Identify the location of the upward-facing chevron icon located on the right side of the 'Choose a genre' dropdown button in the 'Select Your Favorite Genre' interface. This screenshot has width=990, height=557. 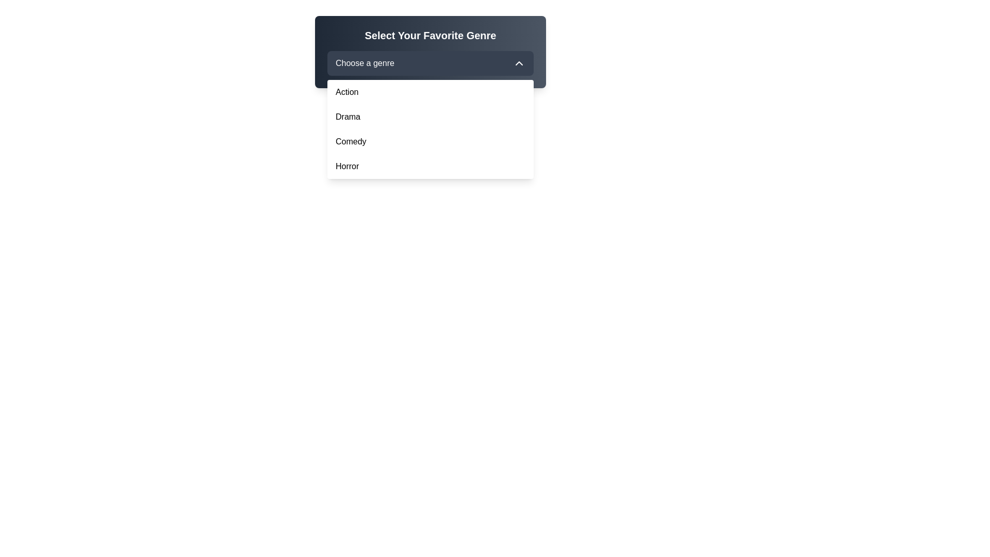
(519, 63).